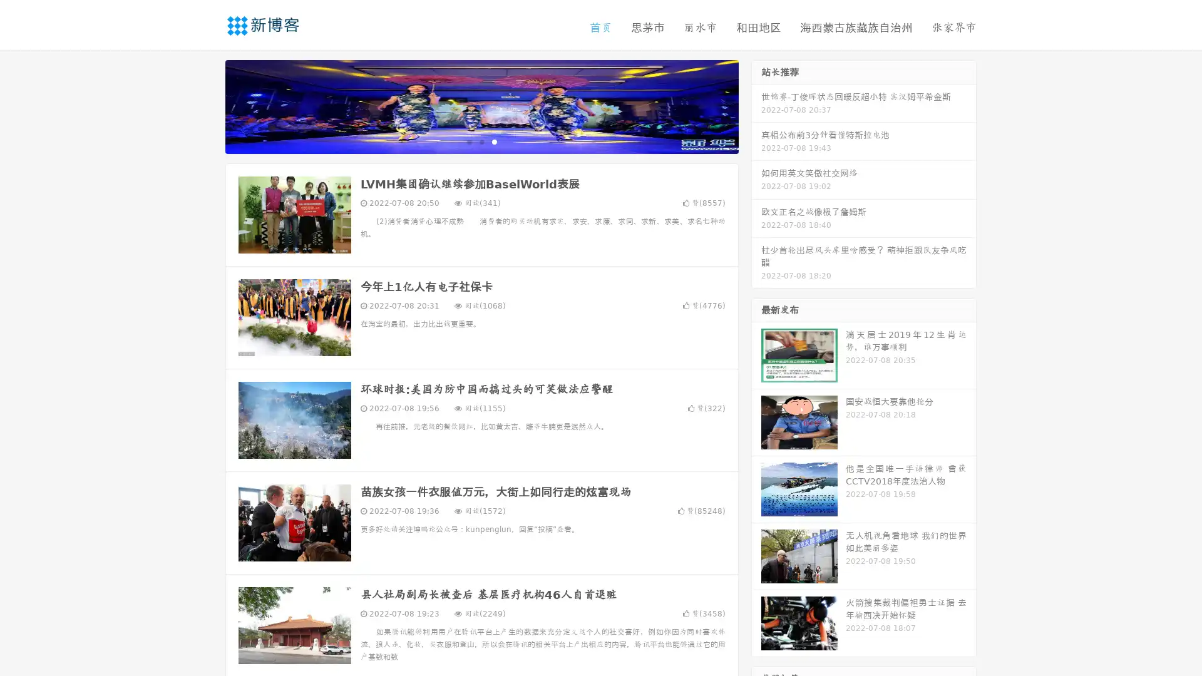  What do you see at coordinates (207, 105) in the screenshot?
I see `Previous slide` at bounding box center [207, 105].